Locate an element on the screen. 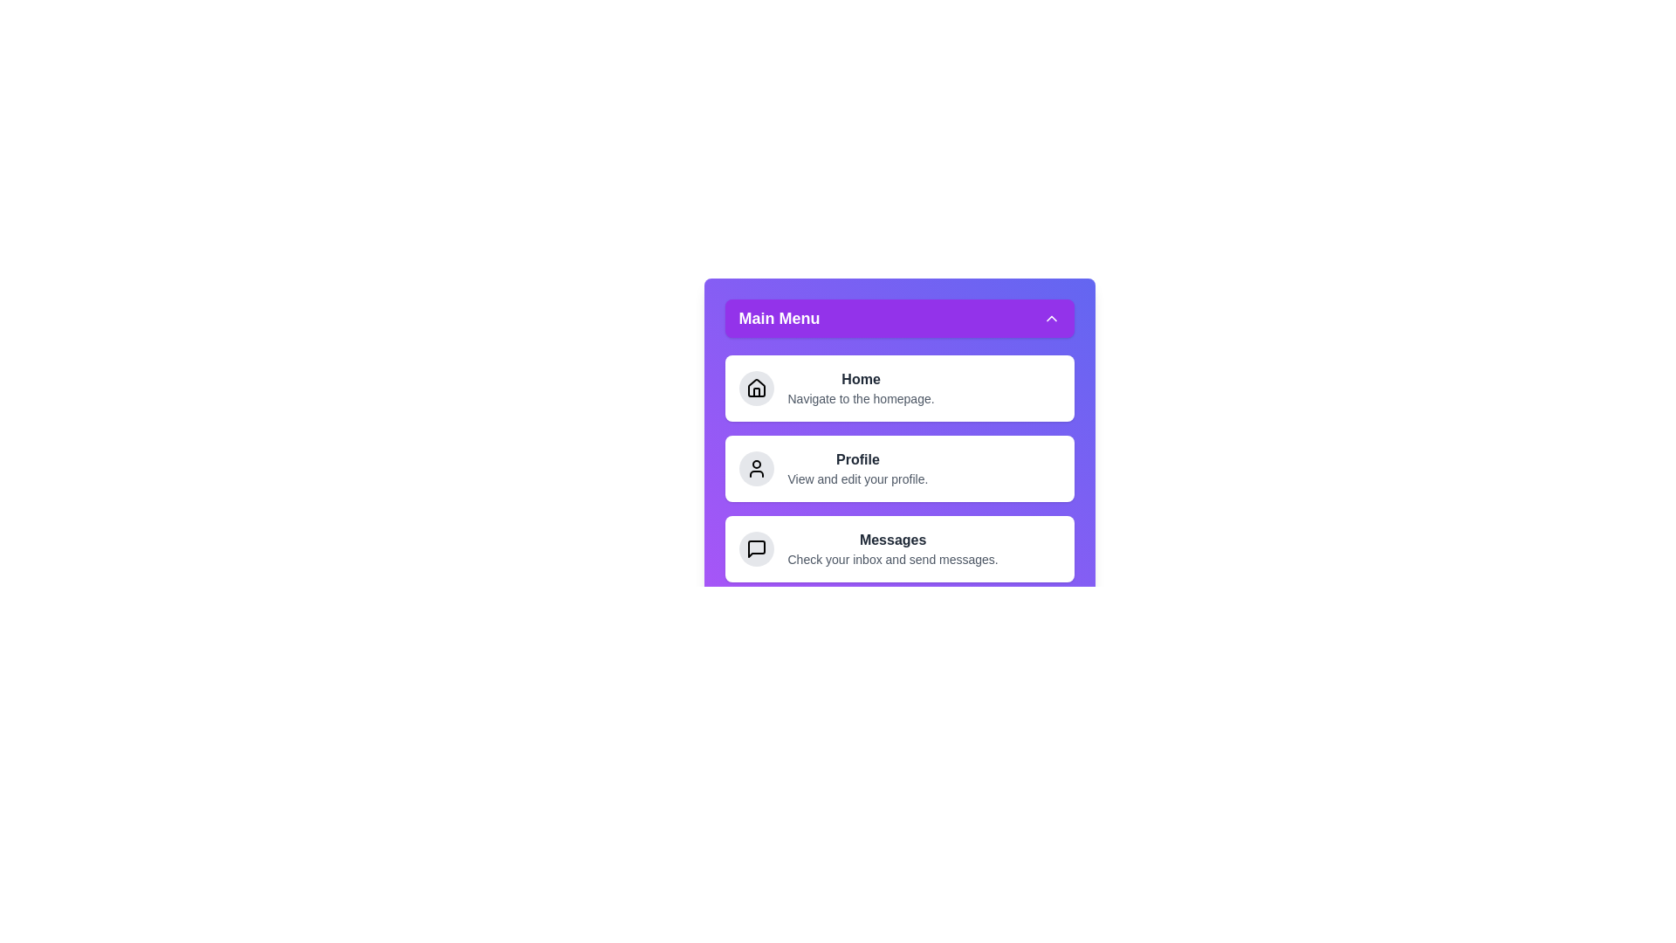 This screenshot has height=943, width=1676. the 'Main Menu' button to toggle the visibility of the menu is located at coordinates (899, 319).